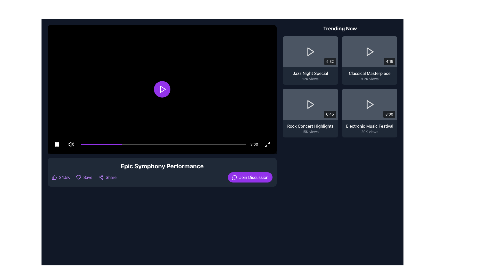 This screenshot has width=495, height=278. What do you see at coordinates (310, 79) in the screenshot?
I see `the Text label that displays the view count information for the media item labeled 'Jazz Night Special' in the 'Trending Now' section` at bounding box center [310, 79].